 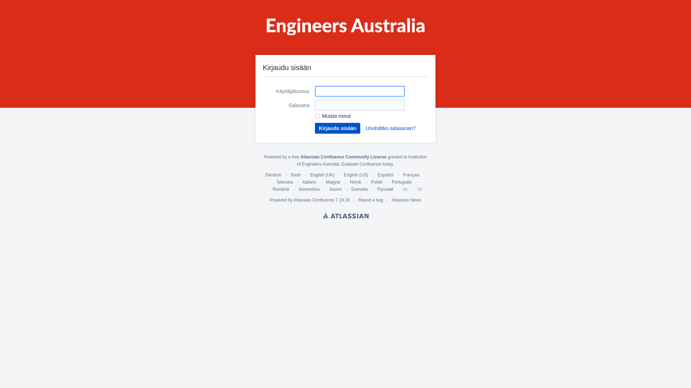 What do you see at coordinates (333, 181) in the screenshot?
I see `'Magyar'` at bounding box center [333, 181].